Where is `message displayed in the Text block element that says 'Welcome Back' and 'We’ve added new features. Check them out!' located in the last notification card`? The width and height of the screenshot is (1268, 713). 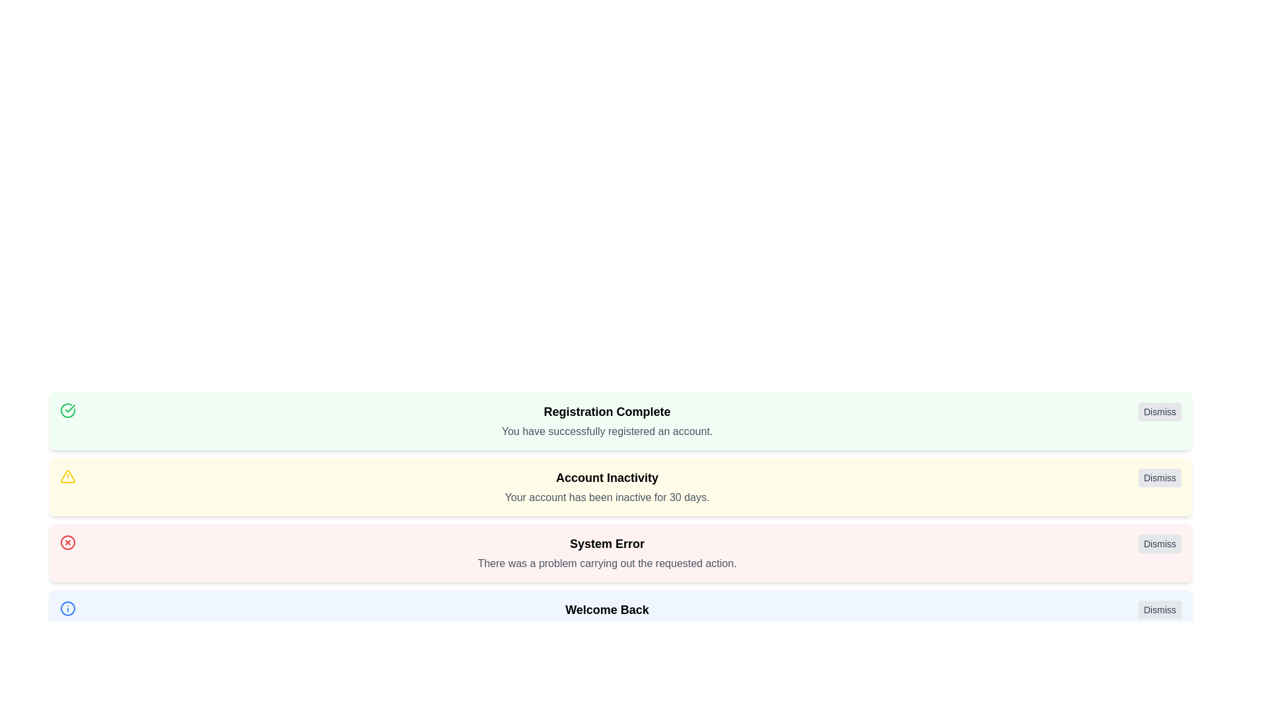
message displayed in the Text block element that says 'Welcome Back' and 'We’ve added new features. Check them out!' located in the last notification card is located at coordinates (606, 619).